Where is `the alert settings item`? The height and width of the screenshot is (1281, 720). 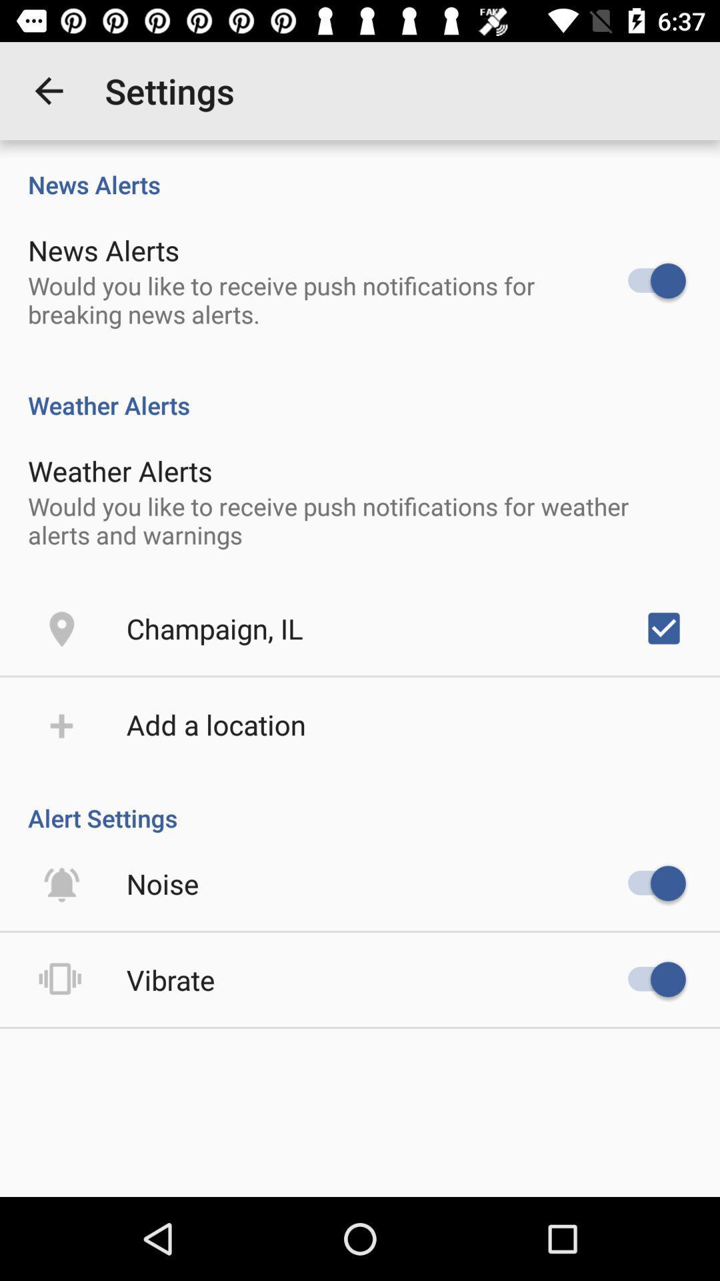
the alert settings item is located at coordinates (360, 803).